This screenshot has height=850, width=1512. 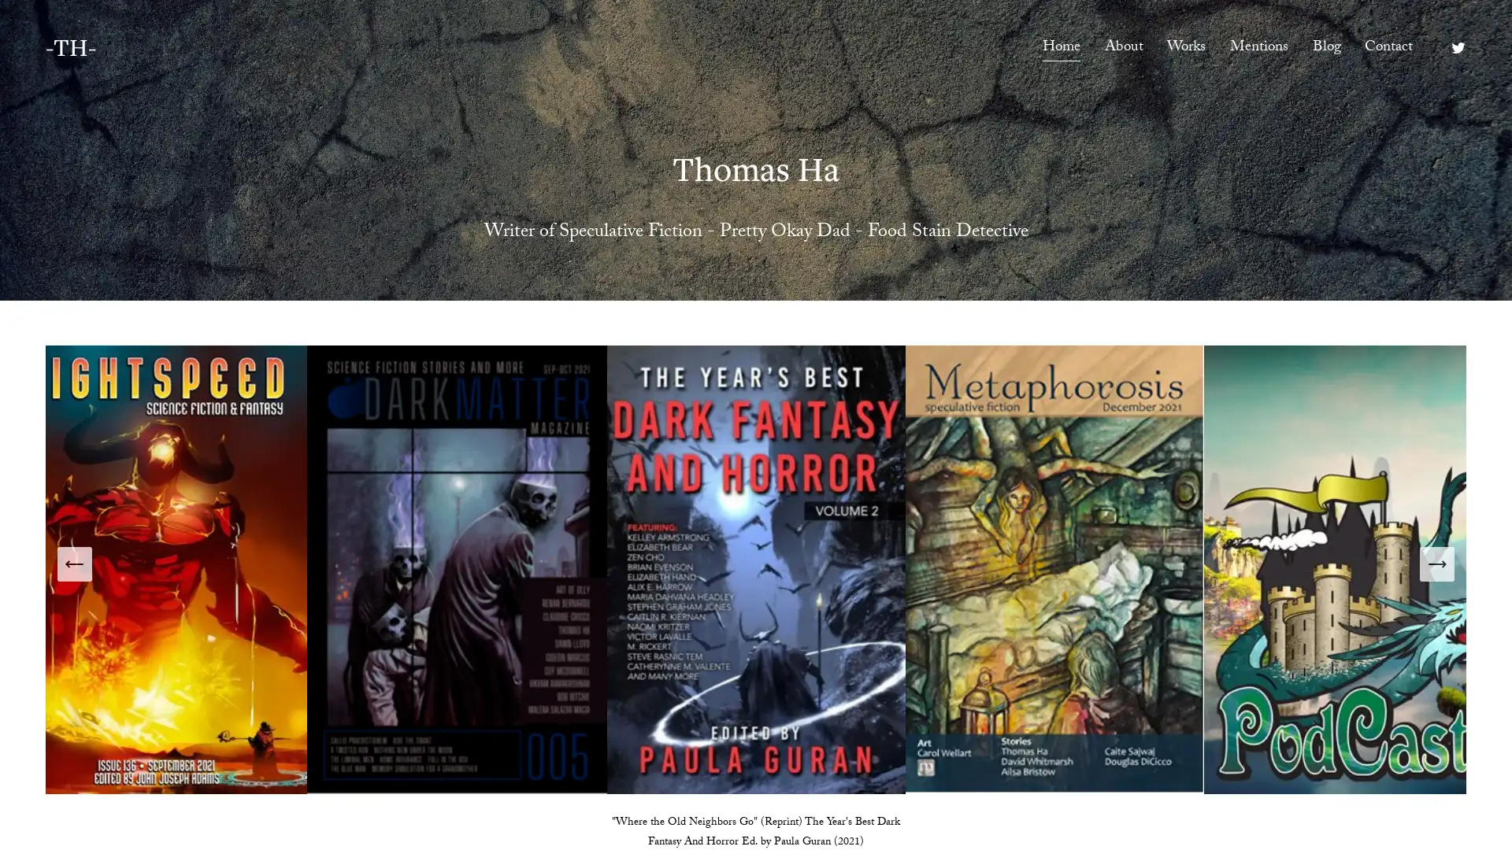 I want to click on Next Slide, so click(x=1436, y=563).